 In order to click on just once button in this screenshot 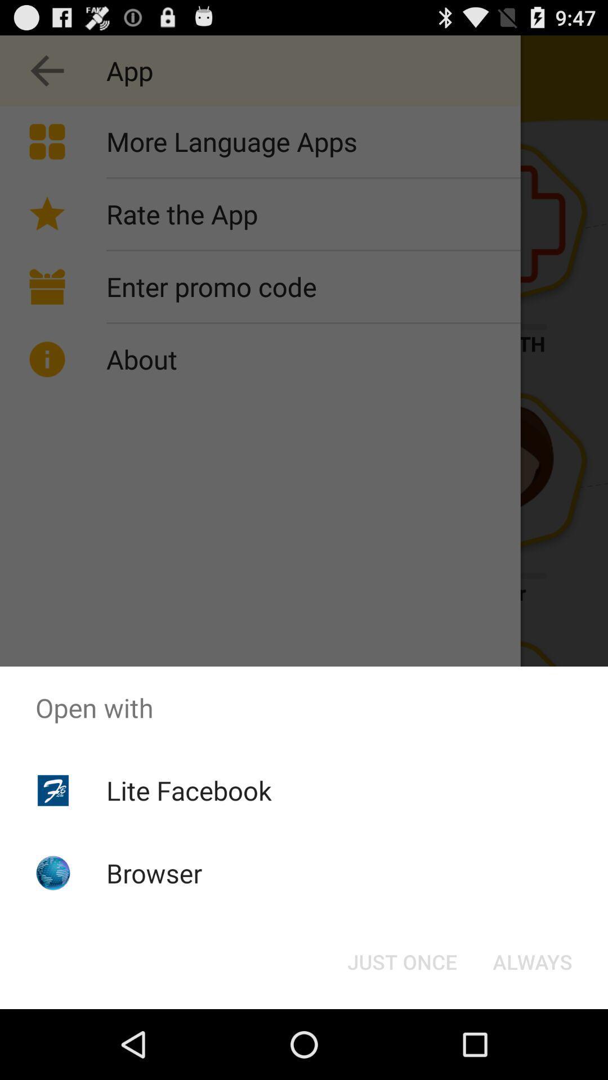, I will do `click(401, 961)`.